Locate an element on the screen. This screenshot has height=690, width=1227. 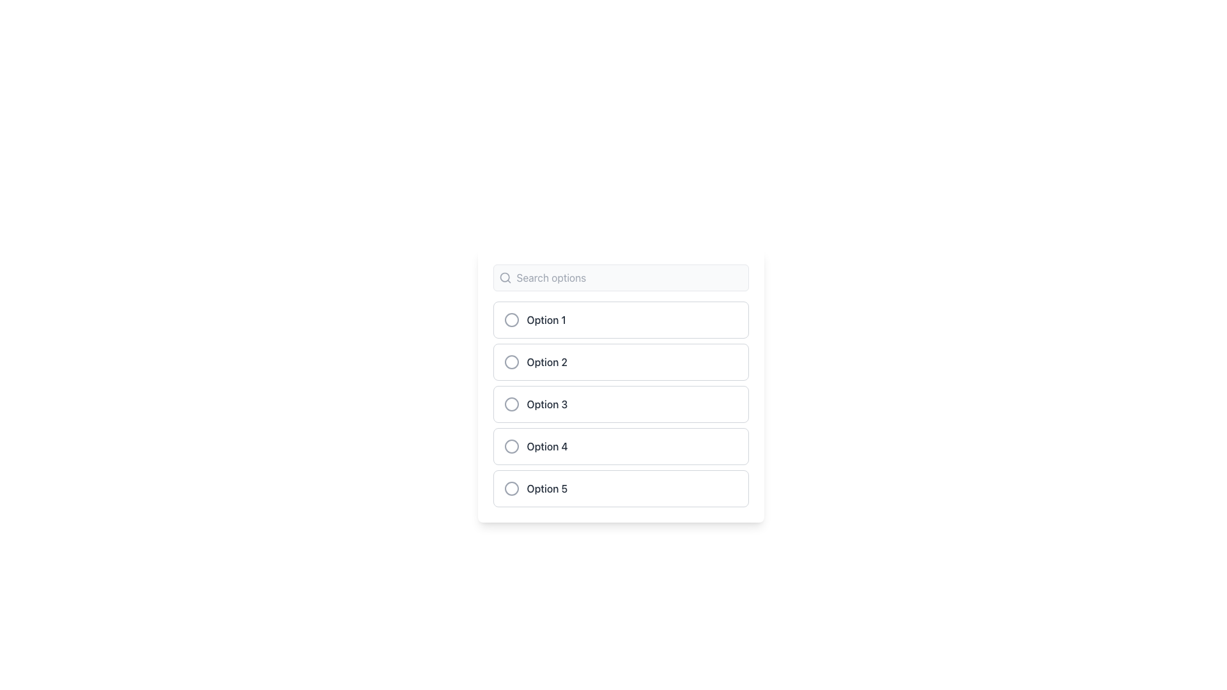
the associated option by clicking the radio button next to the 'Option 3' text label, which is displayed in gray on a white background is located at coordinates (547, 404).